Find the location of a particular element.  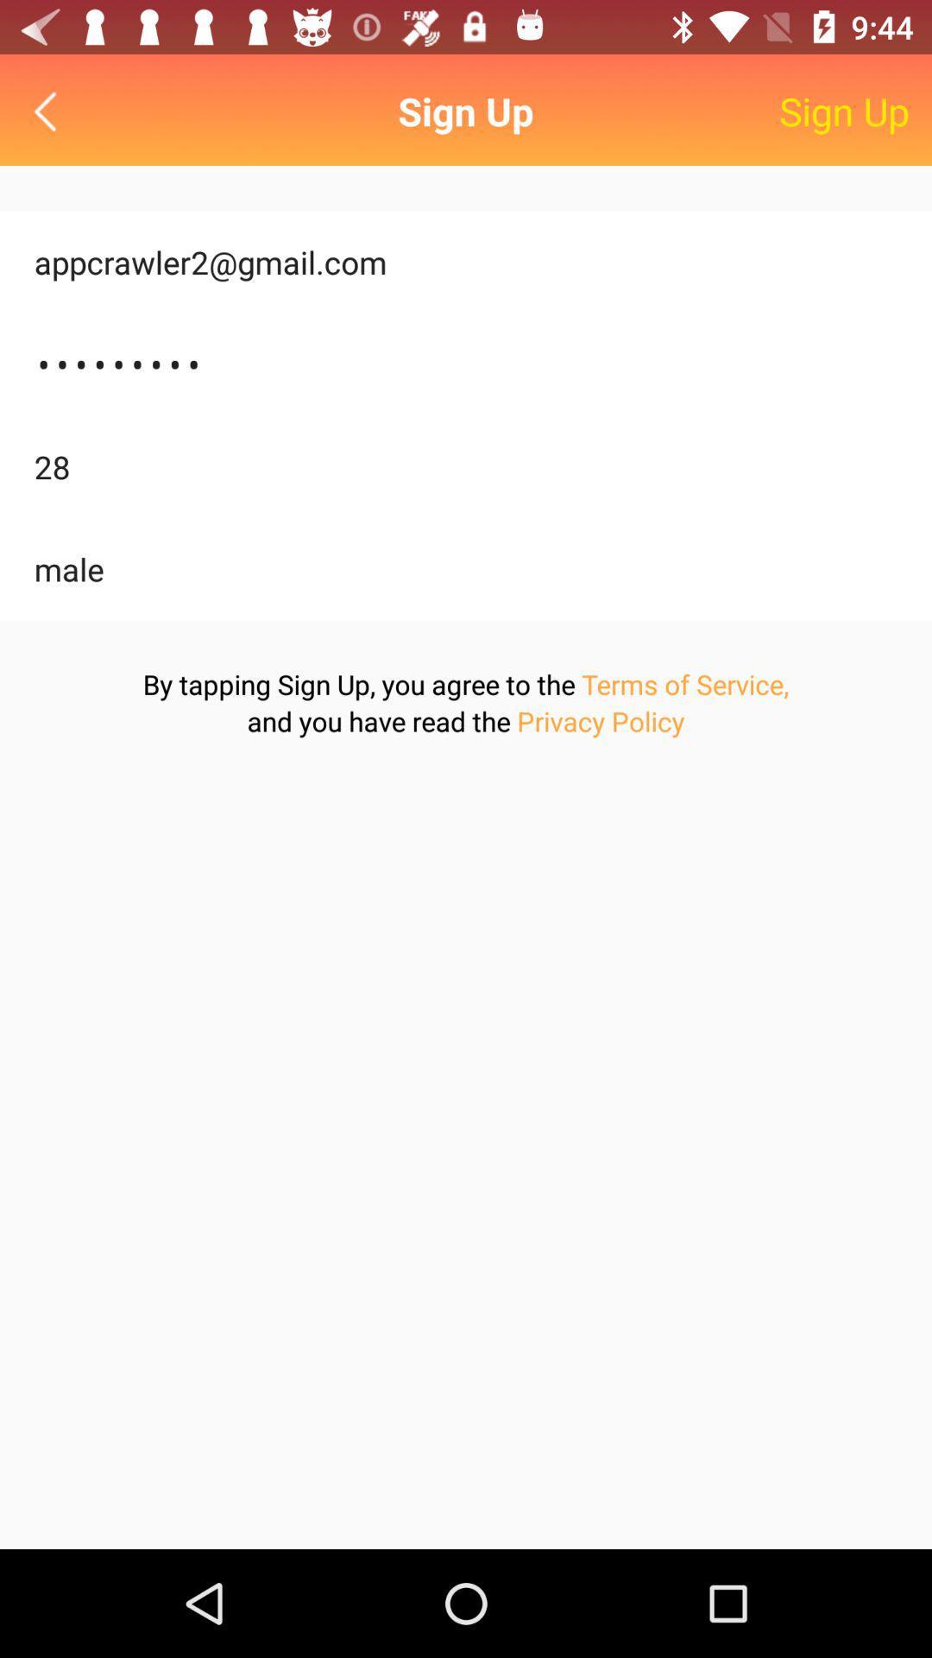

male icon is located at coordinates (466, 569).